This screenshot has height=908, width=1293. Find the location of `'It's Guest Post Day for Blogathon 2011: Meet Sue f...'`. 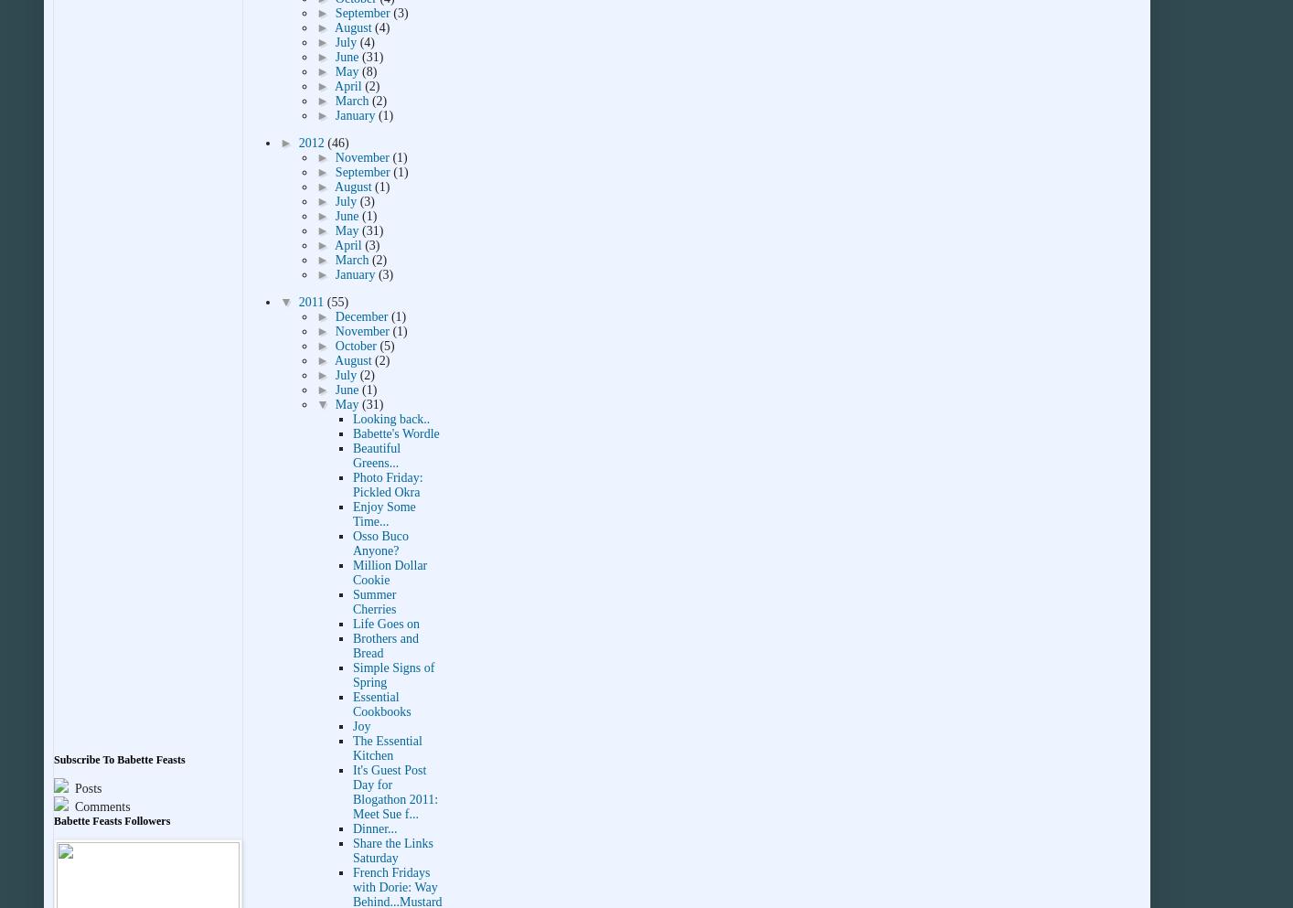

'It's Guest Post Day for Blogathon 2011: Meet Sue f...' is located at coordinates (353, 791).